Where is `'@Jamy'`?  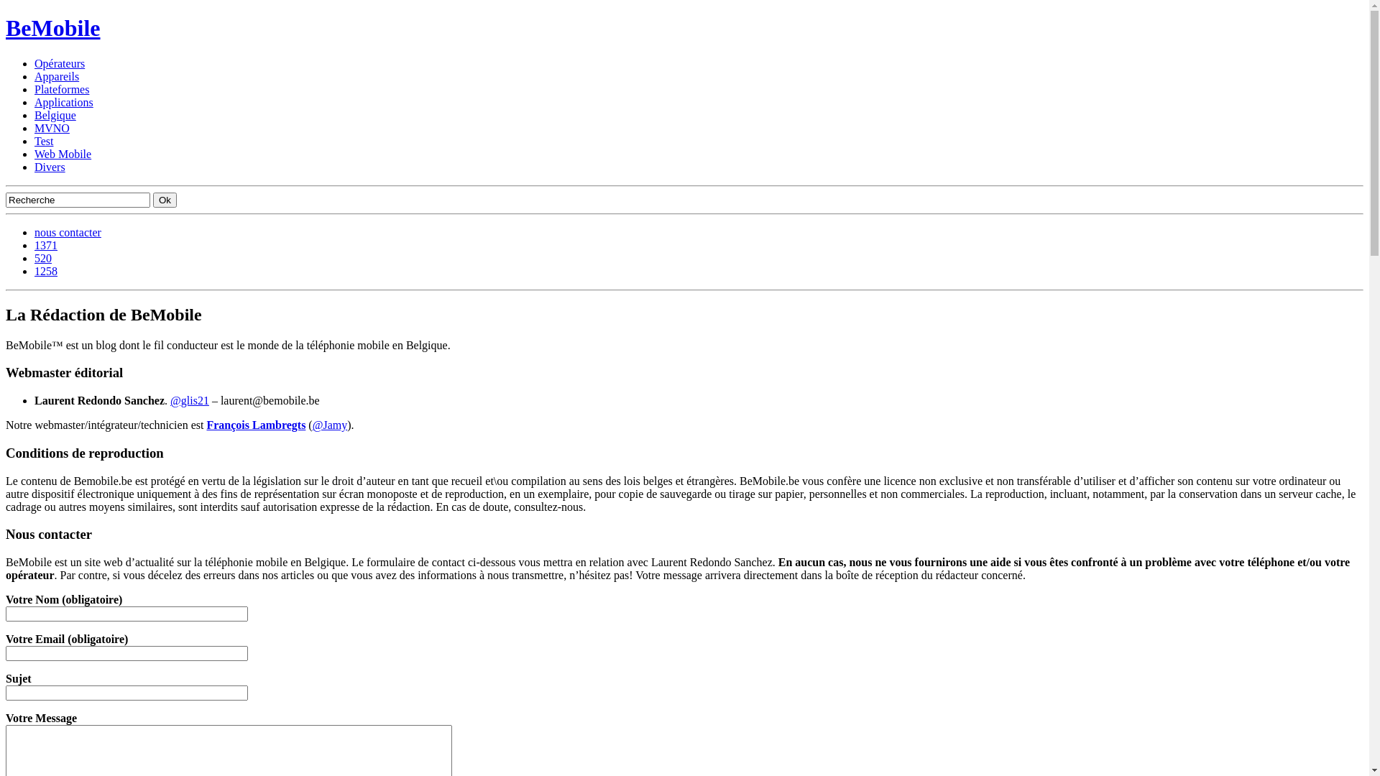
'@Jamy' is located at coordinates (329, 424).